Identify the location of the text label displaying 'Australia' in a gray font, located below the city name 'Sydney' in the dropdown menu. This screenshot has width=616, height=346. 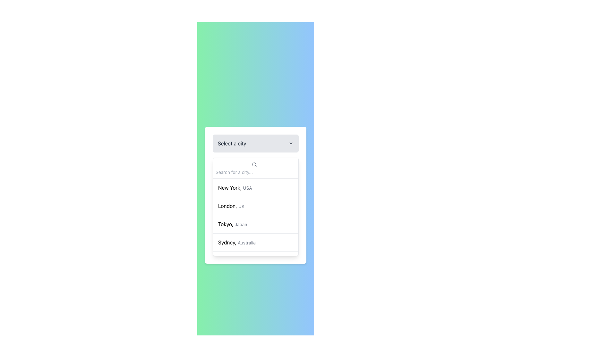
(246, 242).